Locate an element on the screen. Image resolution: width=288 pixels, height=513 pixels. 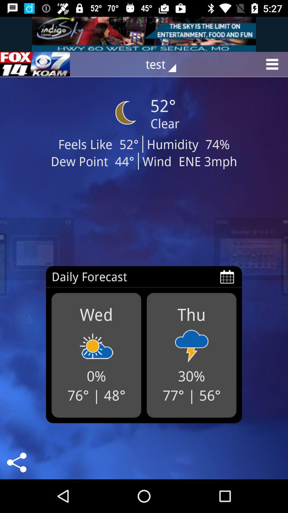
the share icon is located at coordinates (16, 462).